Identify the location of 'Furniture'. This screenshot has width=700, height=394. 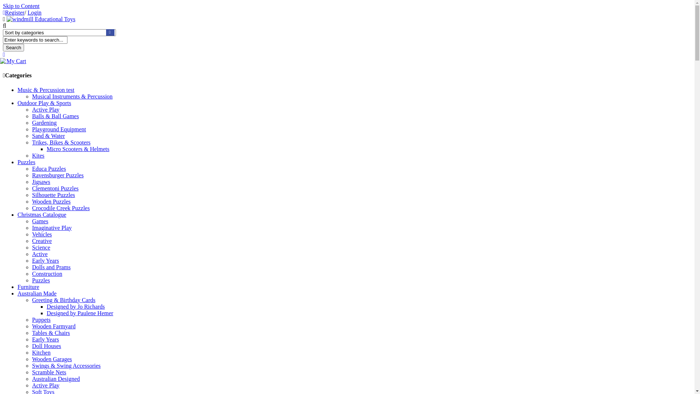
(28, 286).